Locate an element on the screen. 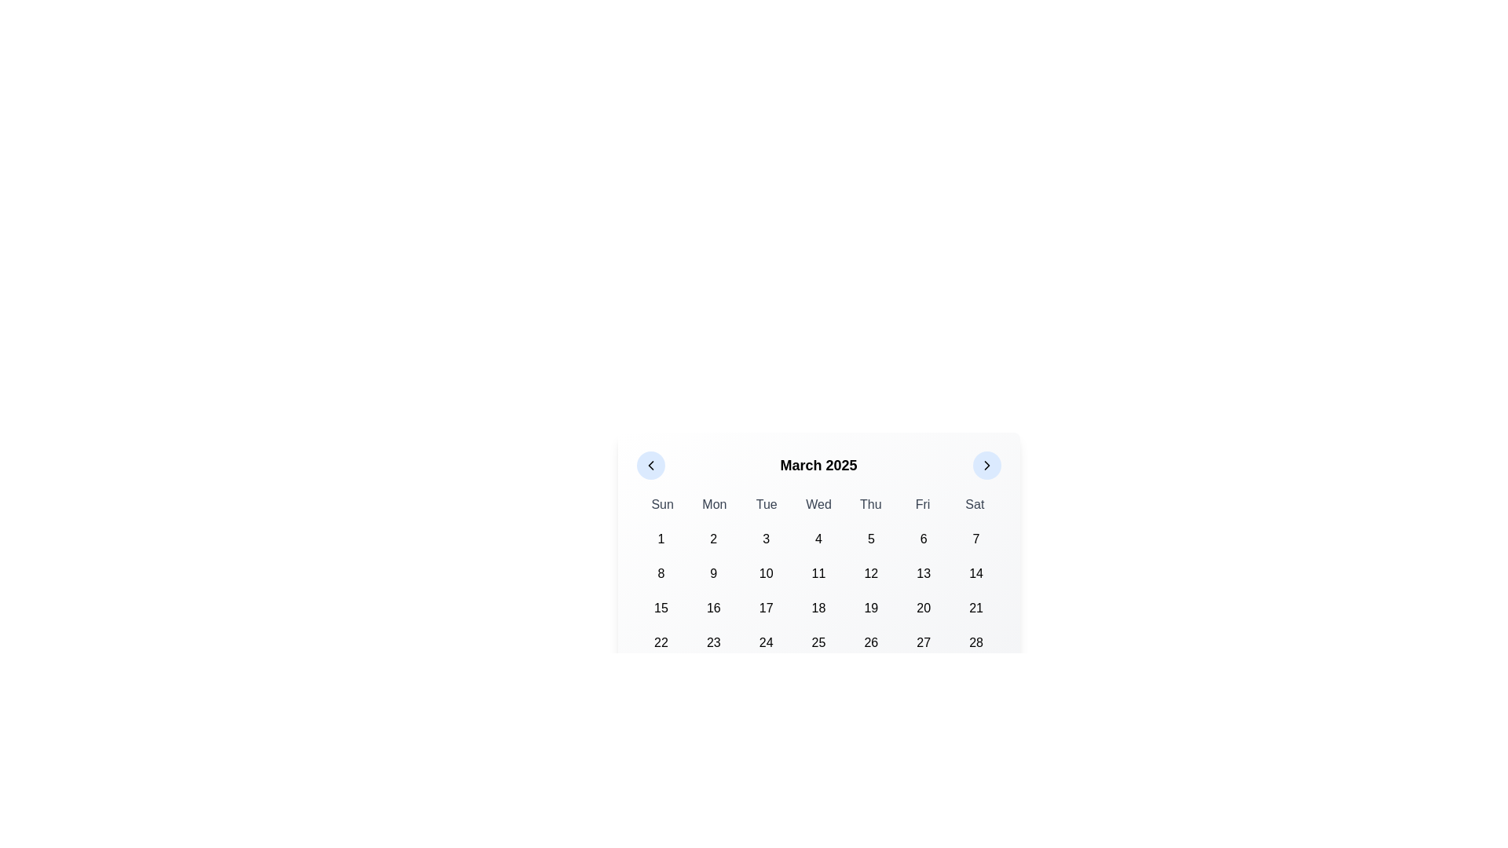 This screenshot has height=848, width=1508. the button representing the 15th day of the month in the calendar interface is located at coordinates (661, 608).